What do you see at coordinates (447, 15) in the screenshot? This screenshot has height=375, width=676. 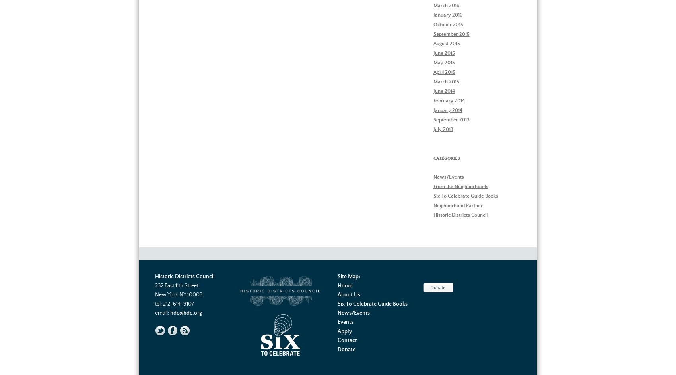 I see `'January 2016'` at bounding box center [447, 15].